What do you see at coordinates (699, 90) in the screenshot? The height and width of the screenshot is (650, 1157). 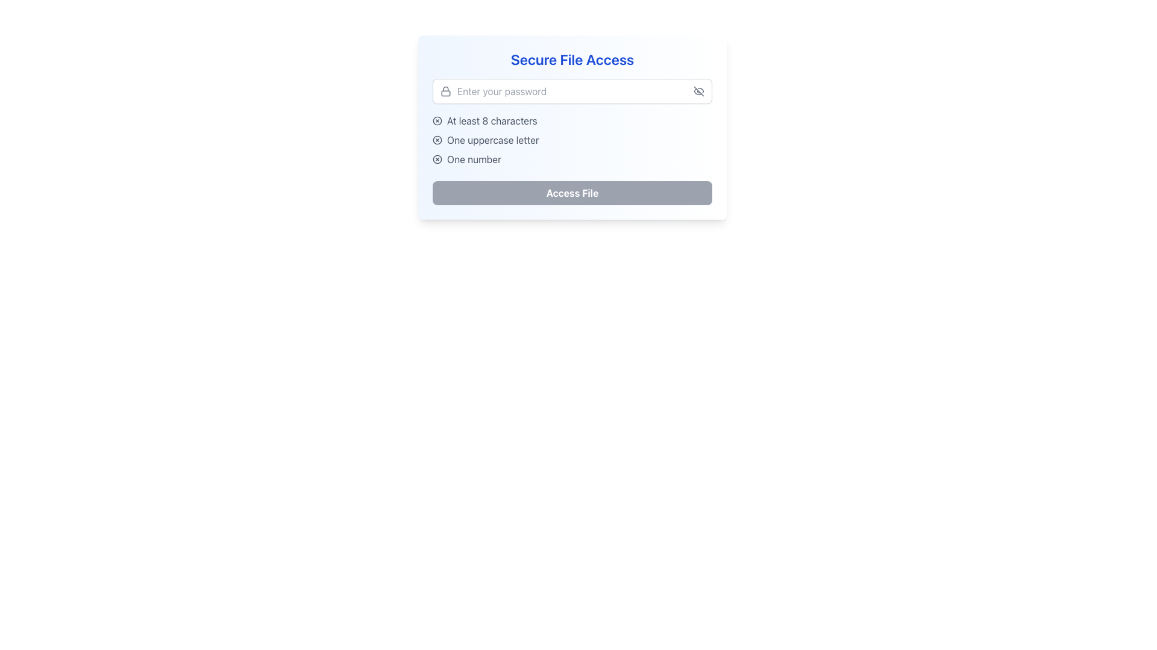 I see `the icon button located on the right side of the password input field` at bounding box center [699, 90].